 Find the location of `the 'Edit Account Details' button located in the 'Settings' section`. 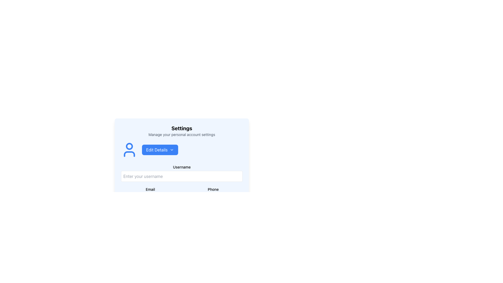

the 'Edit Account Details' button located in the 'Settings' section is located at coordinates (182, 150).